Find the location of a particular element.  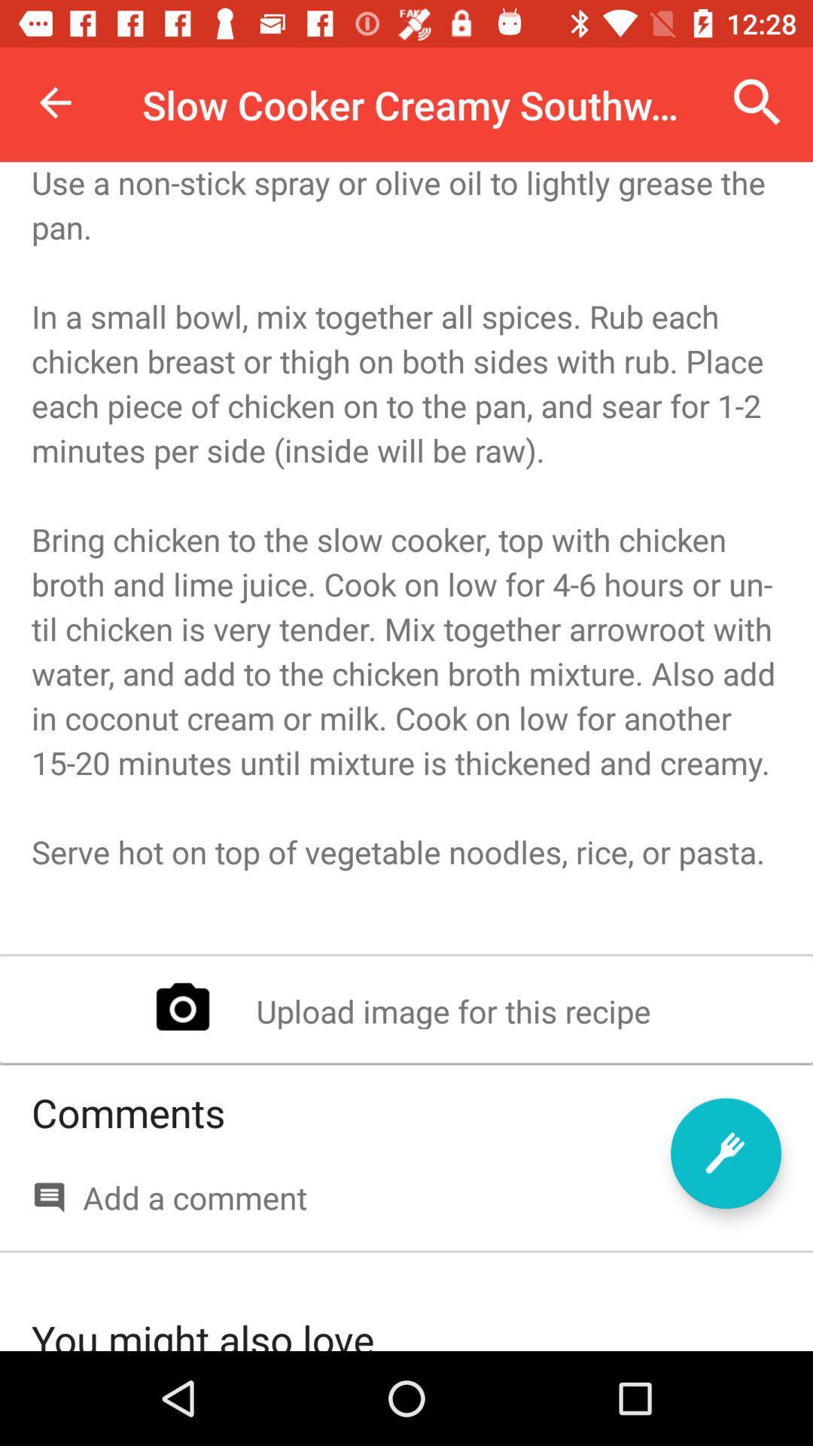

the item next to the slow cooker creamy is located at coordinates (757, 102).